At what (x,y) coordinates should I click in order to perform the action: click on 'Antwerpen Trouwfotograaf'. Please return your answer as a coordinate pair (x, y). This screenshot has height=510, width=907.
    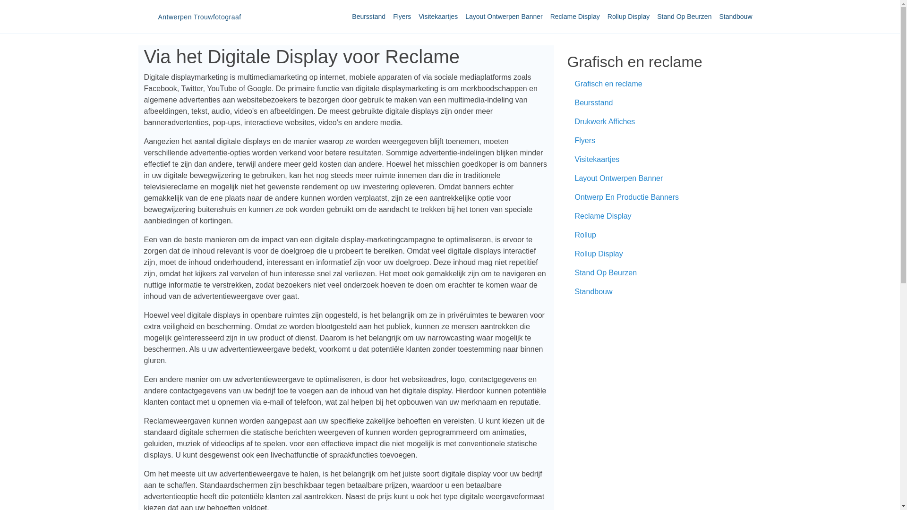
    Looking at the image, I should click on (192, 16).